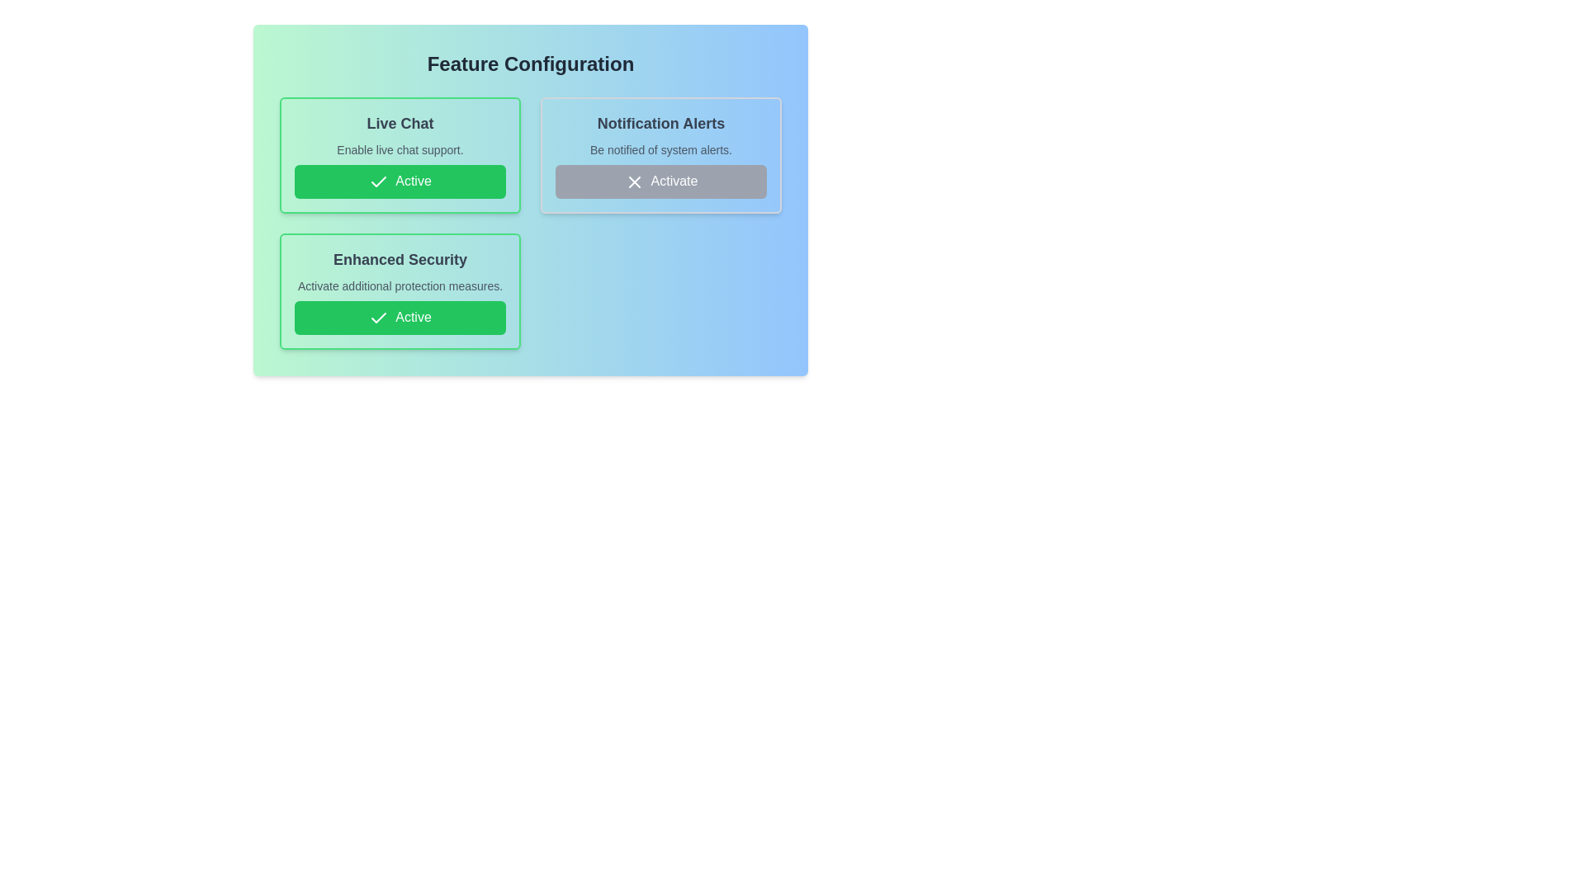 This screenshot has height=891, width=1585. I want to click on the text and description of the feature Live Chat, so click(400, 155).